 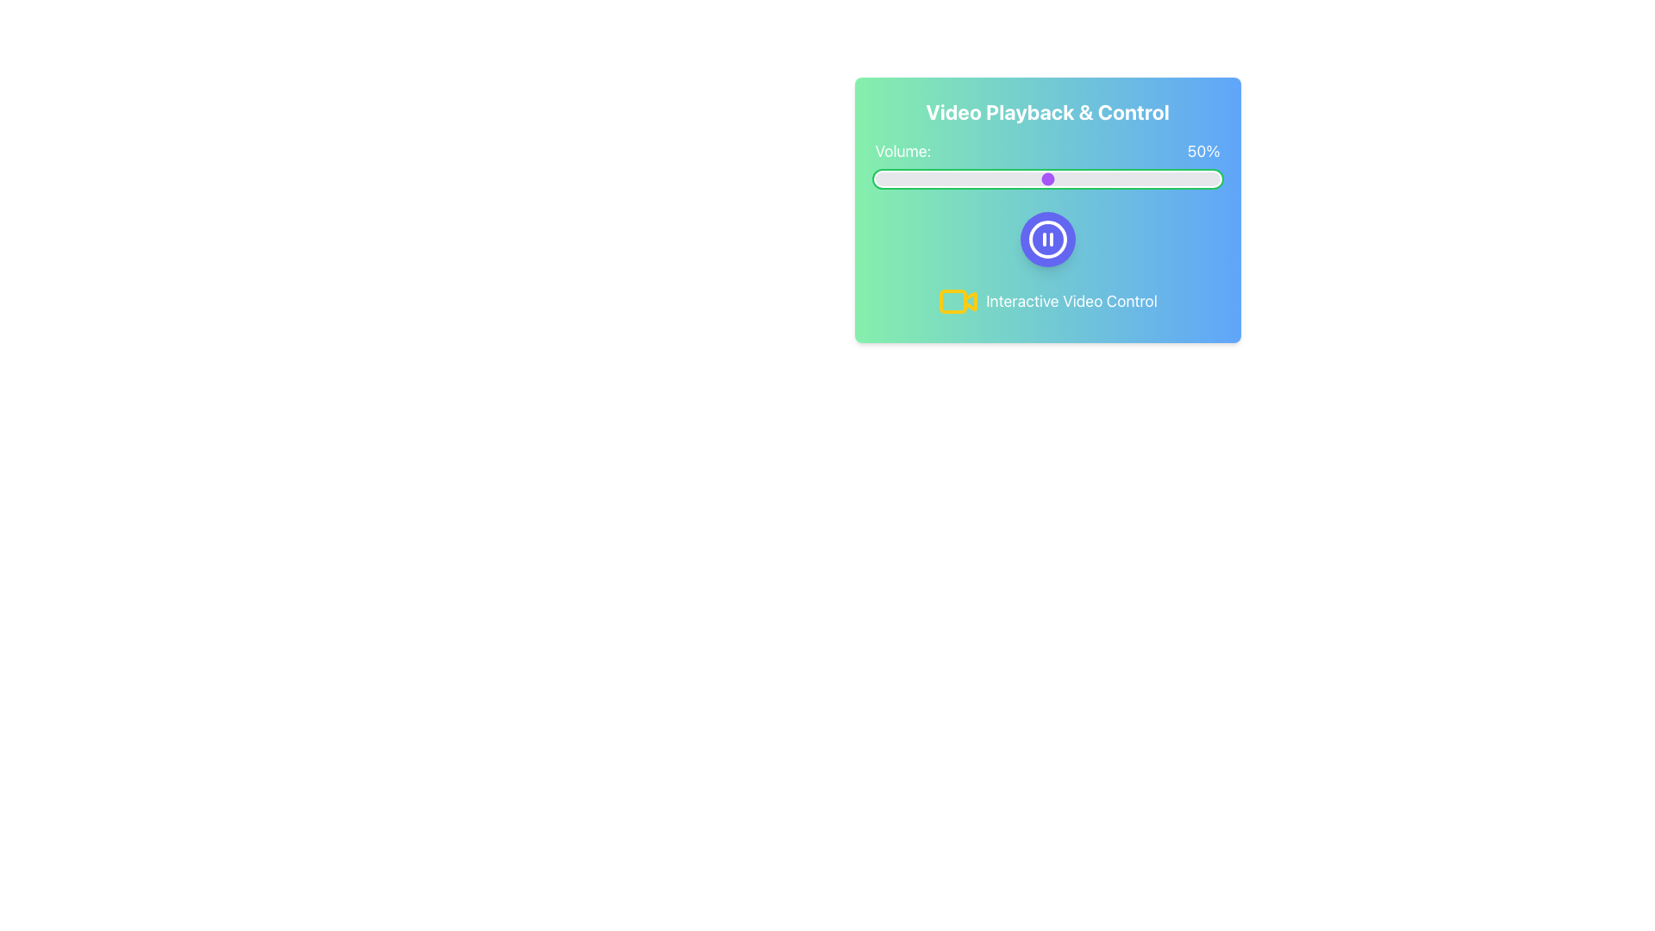 I want to click on the Static Label displaying the current volume level percentage, located in the top-right corner of the volume control section next to the text 'Volume:', so click(x=1202, y=151).